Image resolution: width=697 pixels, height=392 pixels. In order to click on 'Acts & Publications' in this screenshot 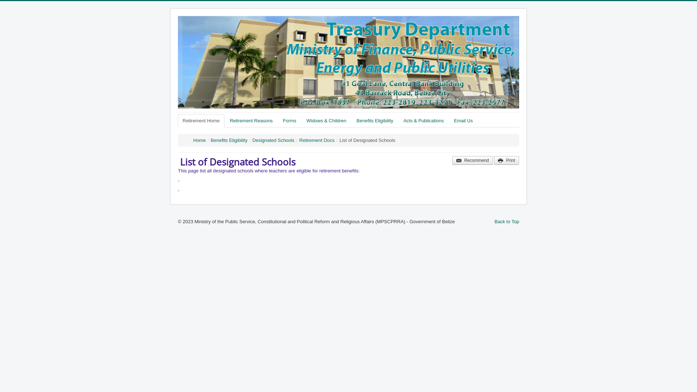, I will do `click(398, 120)`.